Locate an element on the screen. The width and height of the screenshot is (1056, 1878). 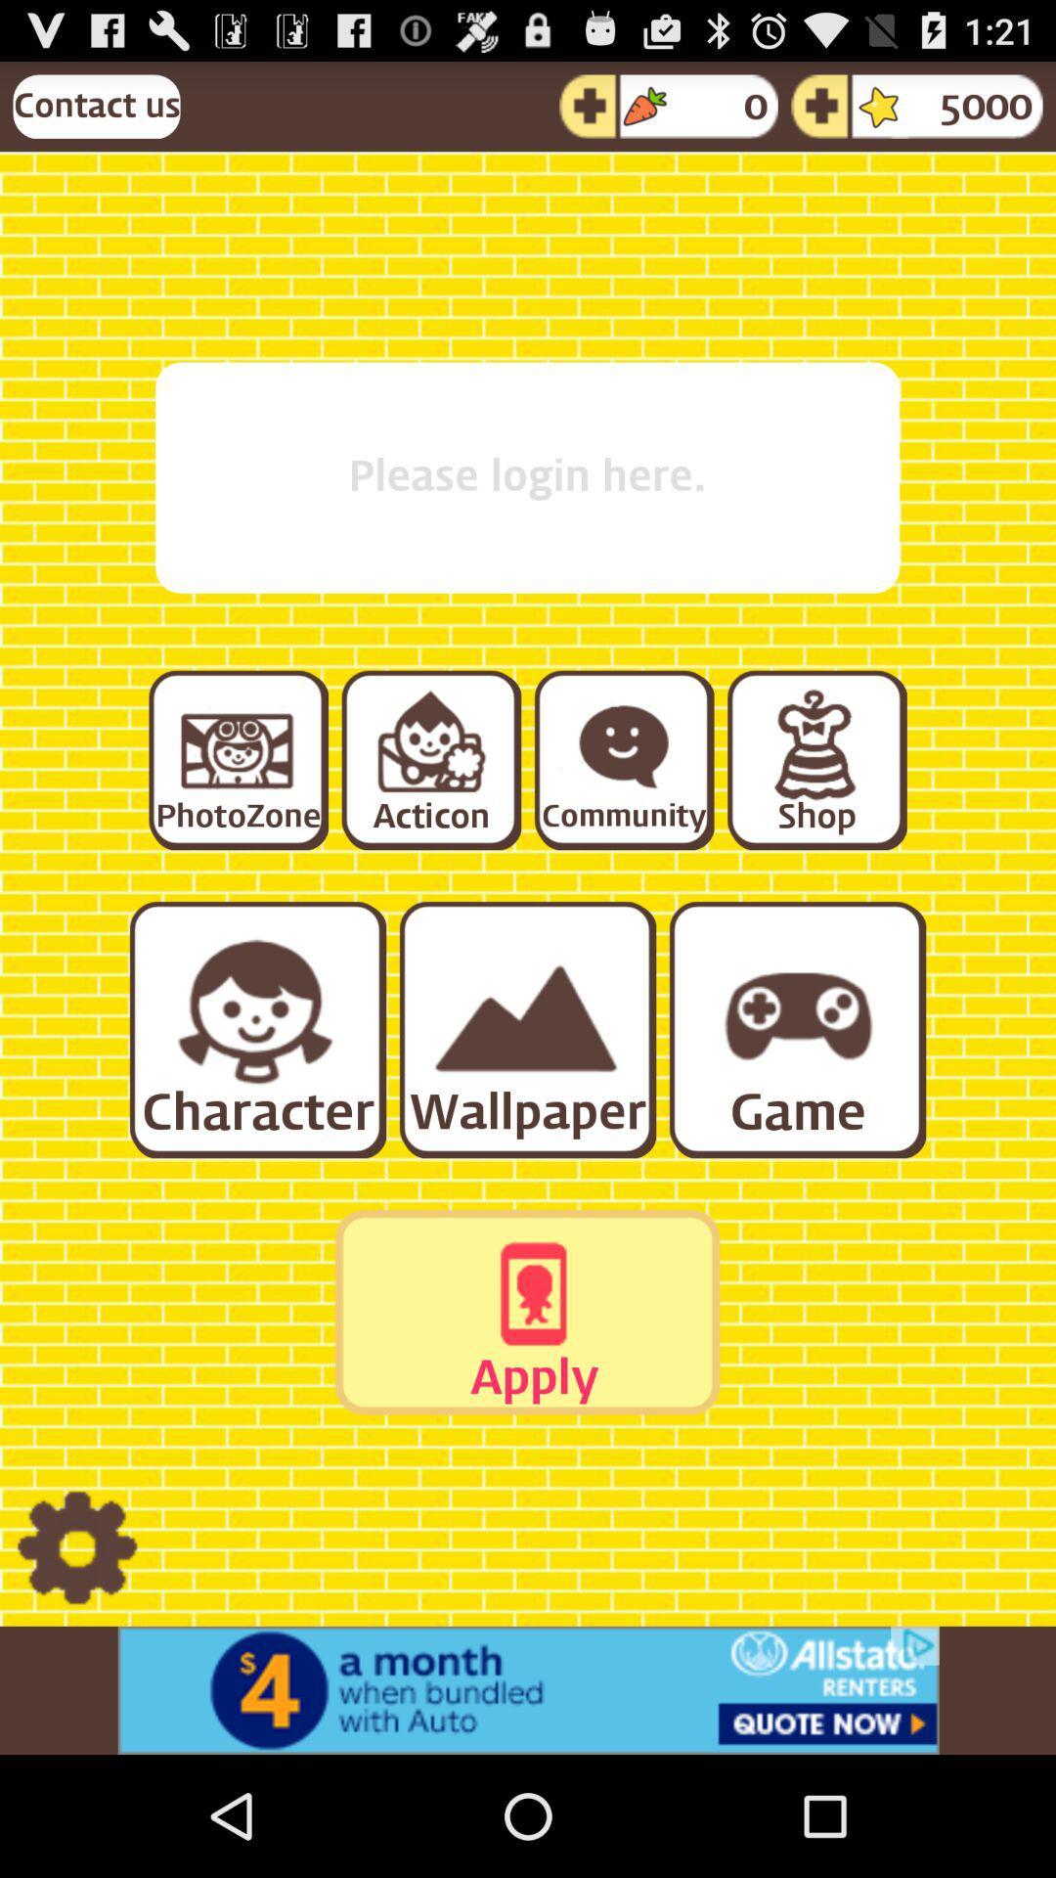
action is located at coordinates (429, 758).